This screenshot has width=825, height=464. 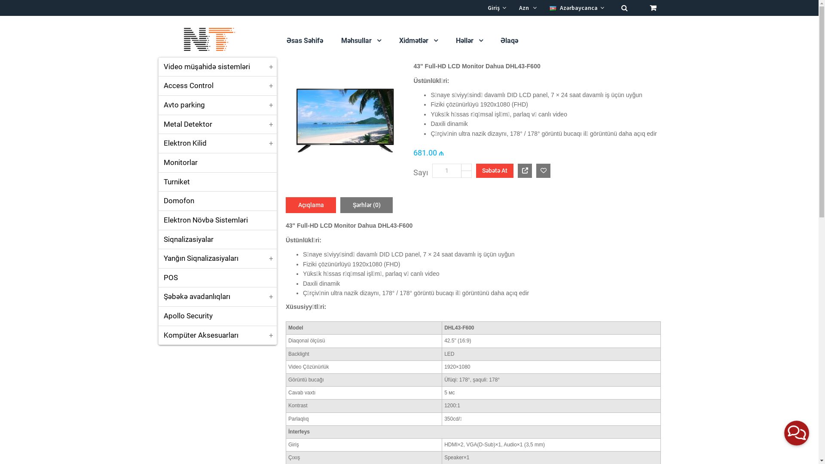 I want to click on 'Elektron Kilid, so click(x=217, y=143).